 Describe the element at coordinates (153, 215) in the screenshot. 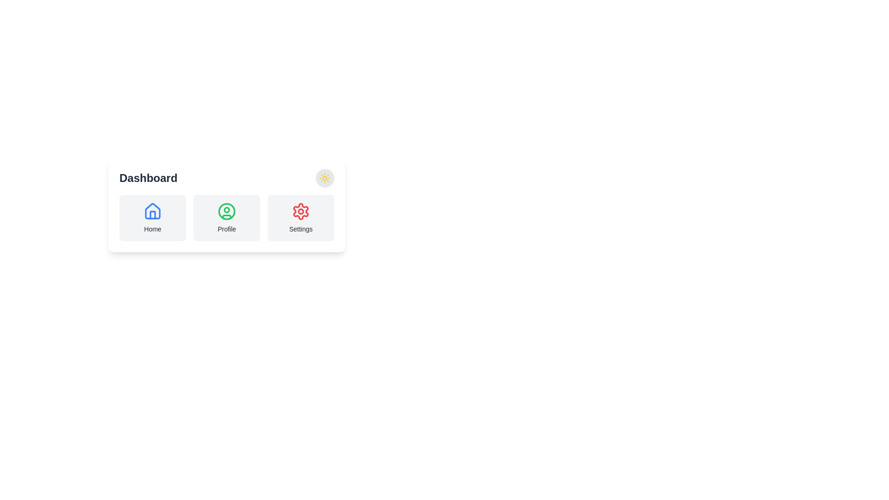

I see `the door or window segment of the house icon in the dashboard interface, which is styled with a blue stroke and no fill, located at the specified coordinates` at that location.